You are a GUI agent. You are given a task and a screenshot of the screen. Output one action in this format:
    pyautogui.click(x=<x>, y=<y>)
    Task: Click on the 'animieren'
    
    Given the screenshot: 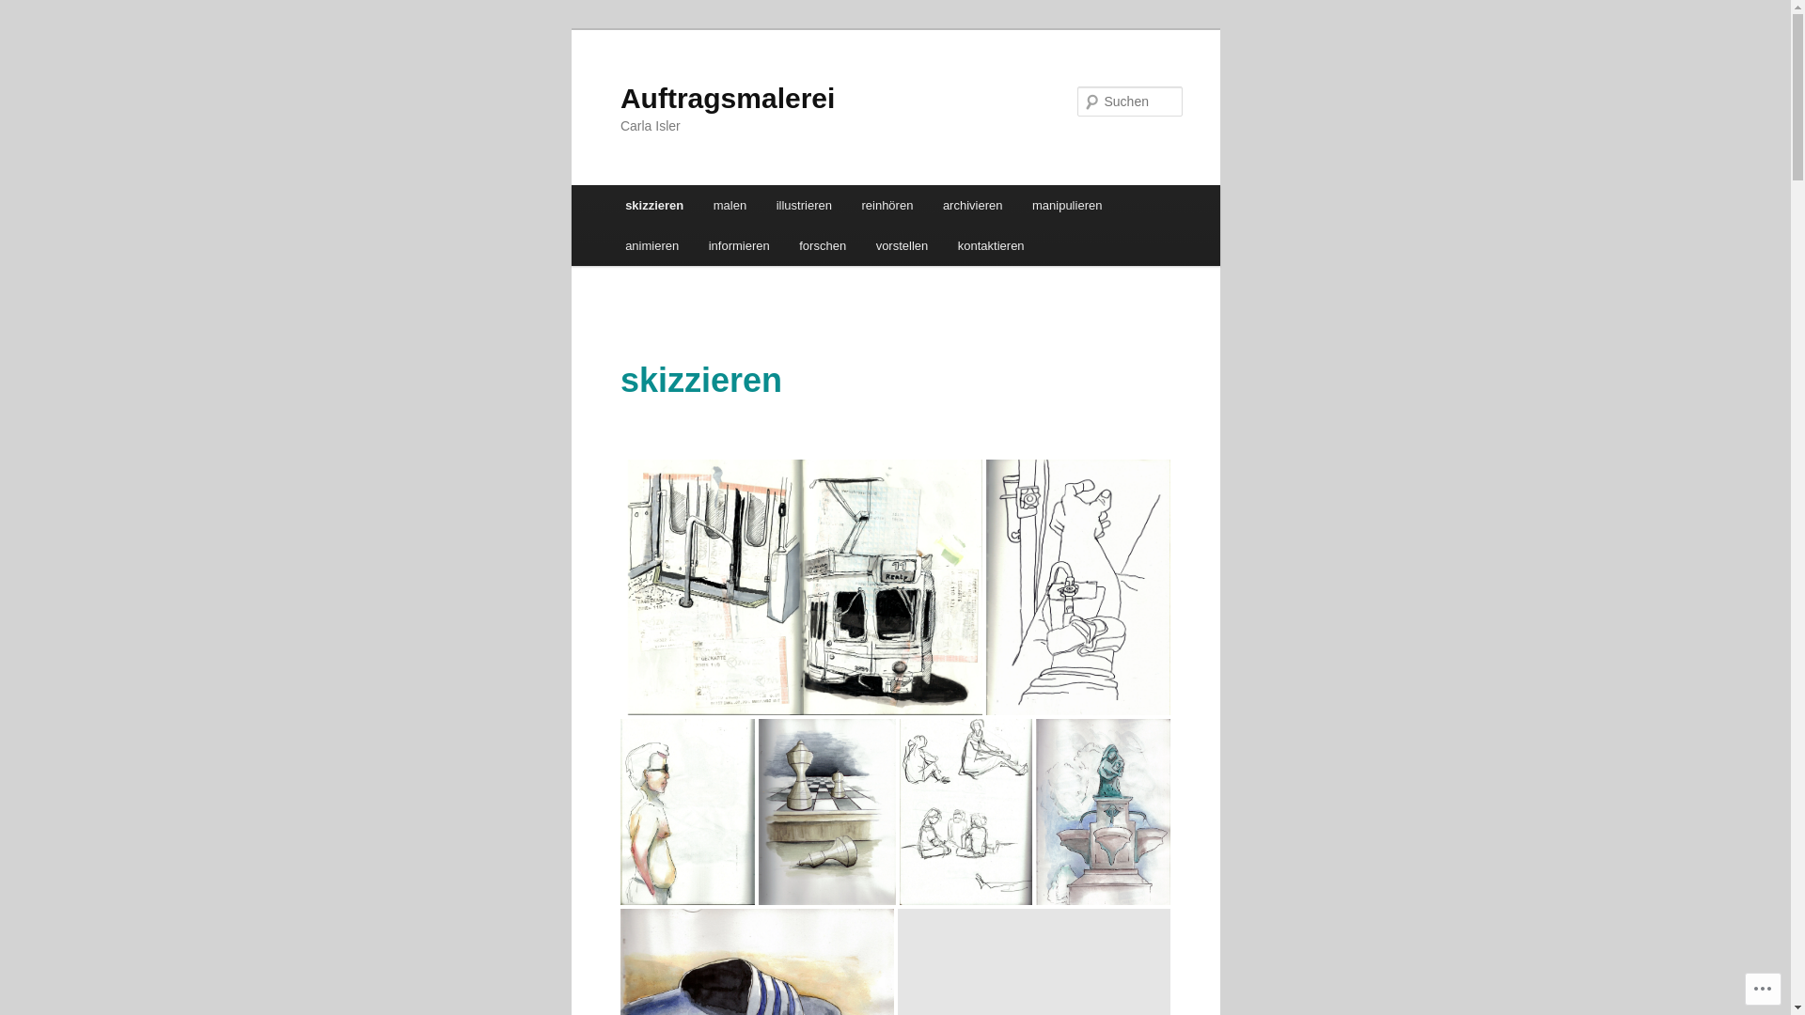 What is the action you would take?
    pyautogui.click(x=609, y=244)
    